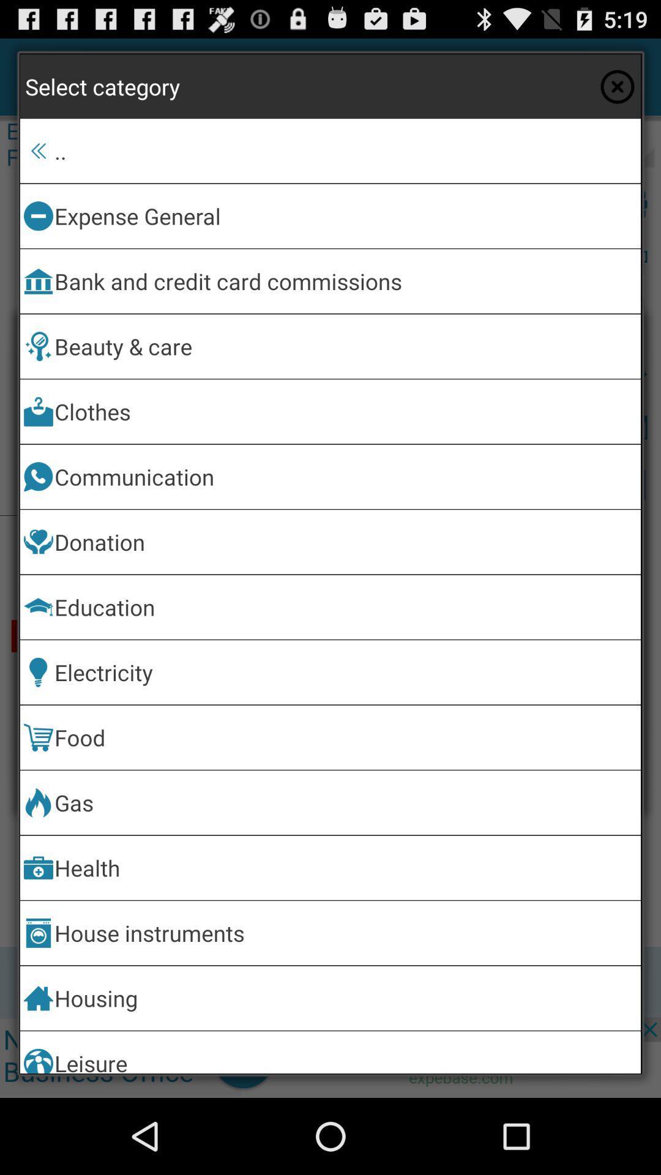  I want to click on leisure, so click(345, 1051).